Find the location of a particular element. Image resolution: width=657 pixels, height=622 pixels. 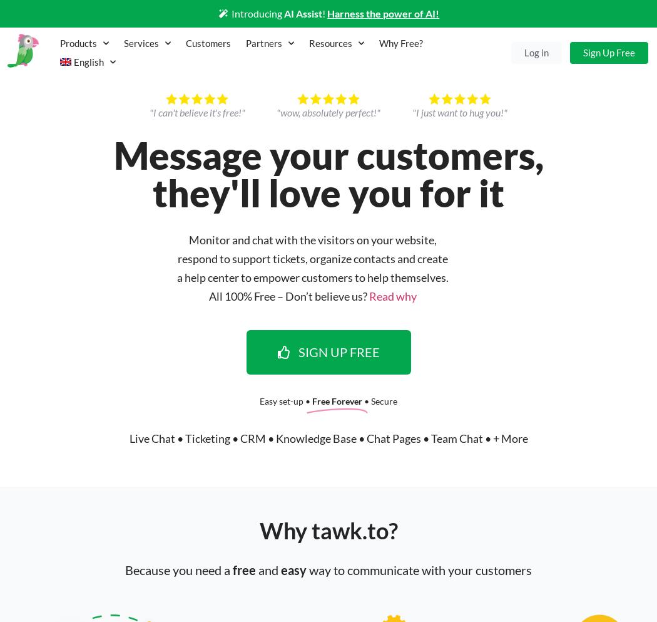

'Why Free?' is located at coordinates (379, 43).